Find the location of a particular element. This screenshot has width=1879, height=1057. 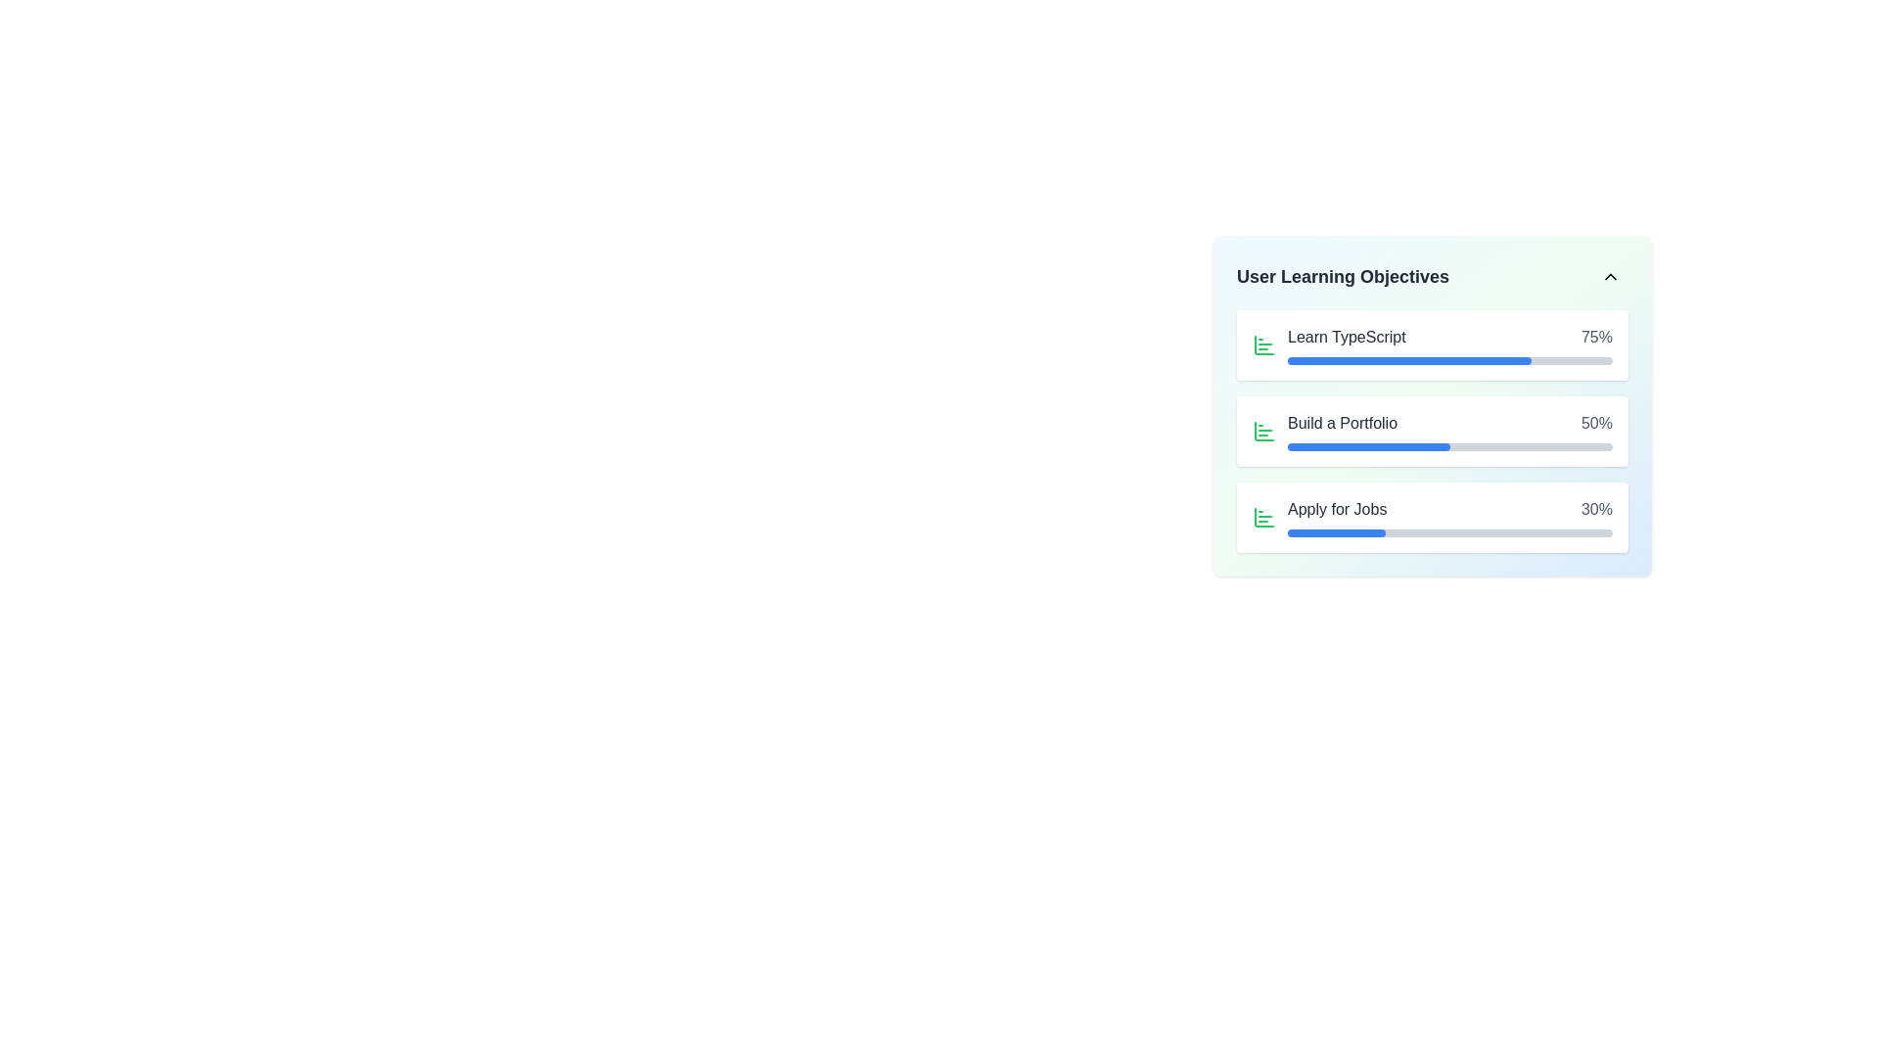

the text label element displaying 'Build a Portfolio' is located at coordinates (1342, 422).